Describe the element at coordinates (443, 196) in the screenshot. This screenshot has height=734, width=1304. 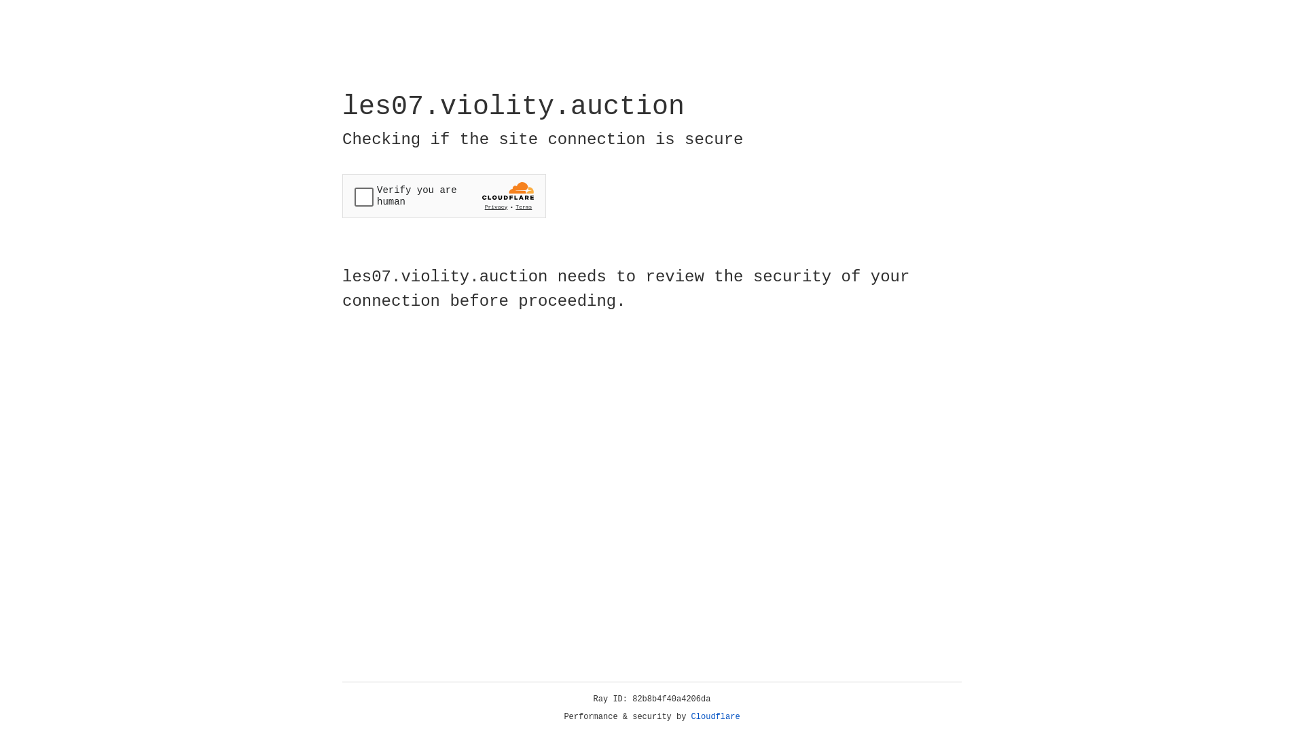
I see `'Widget containing a Cloudflare security challenge'` at that location.